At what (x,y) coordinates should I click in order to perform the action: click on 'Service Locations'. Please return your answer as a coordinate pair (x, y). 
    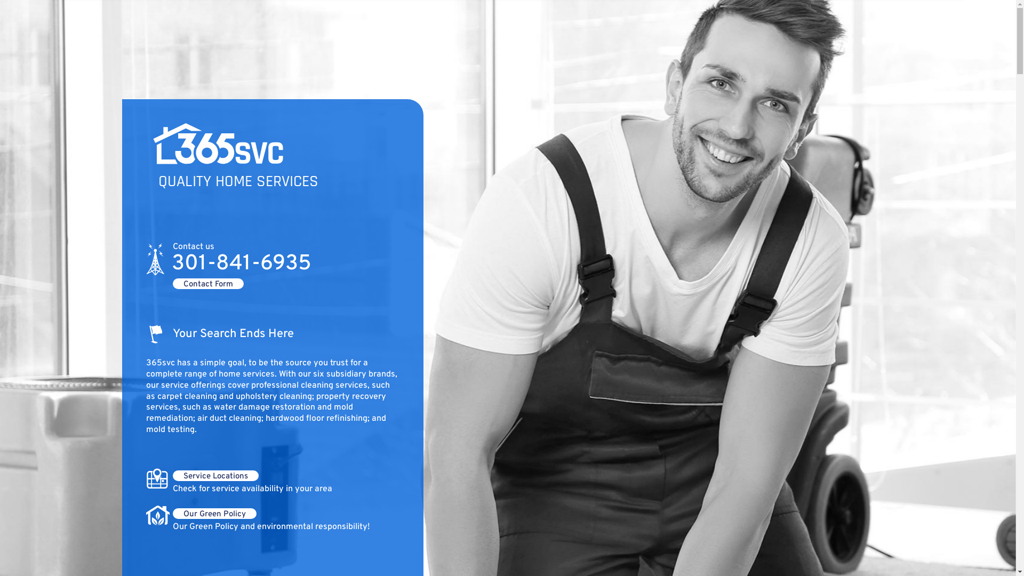
    Looking at the image, I should click on (215, 475).